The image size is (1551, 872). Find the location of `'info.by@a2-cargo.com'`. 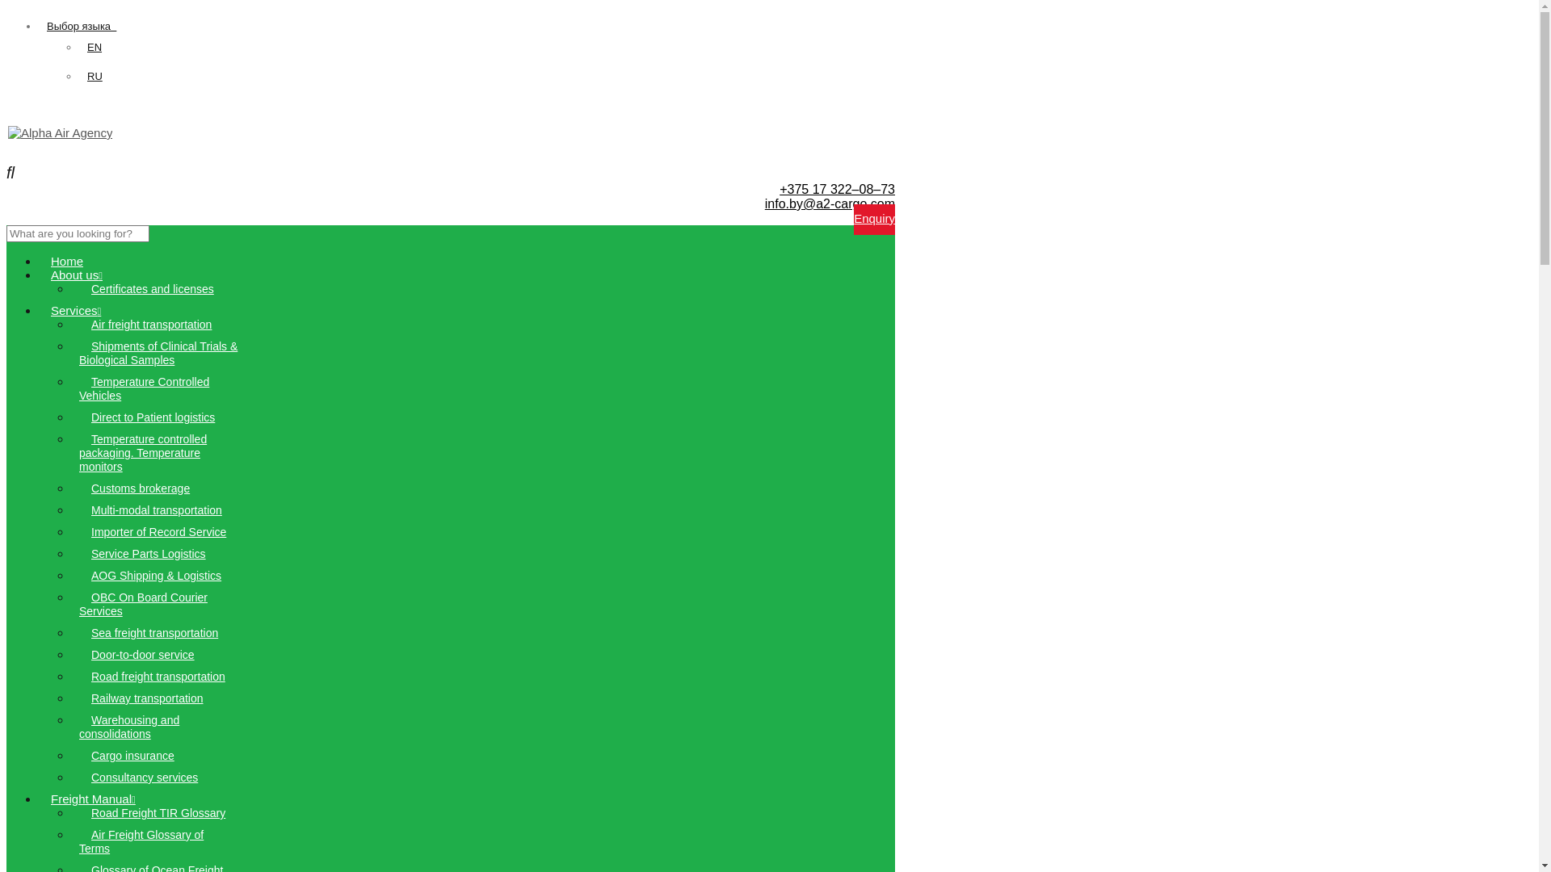

'info.by@a2-cargo.com' is located at coordinates (830, 203).